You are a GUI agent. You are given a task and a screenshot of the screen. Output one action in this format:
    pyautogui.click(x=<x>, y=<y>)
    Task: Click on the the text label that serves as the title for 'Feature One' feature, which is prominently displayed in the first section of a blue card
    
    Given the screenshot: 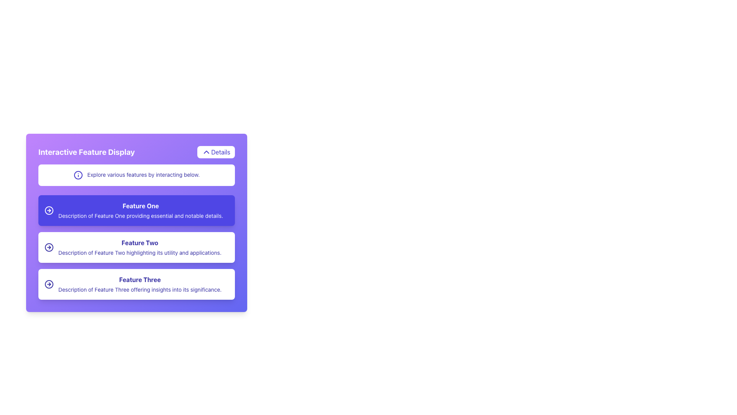 What is the action you would take?
    pyautogui.click(x=140, y=206)
    